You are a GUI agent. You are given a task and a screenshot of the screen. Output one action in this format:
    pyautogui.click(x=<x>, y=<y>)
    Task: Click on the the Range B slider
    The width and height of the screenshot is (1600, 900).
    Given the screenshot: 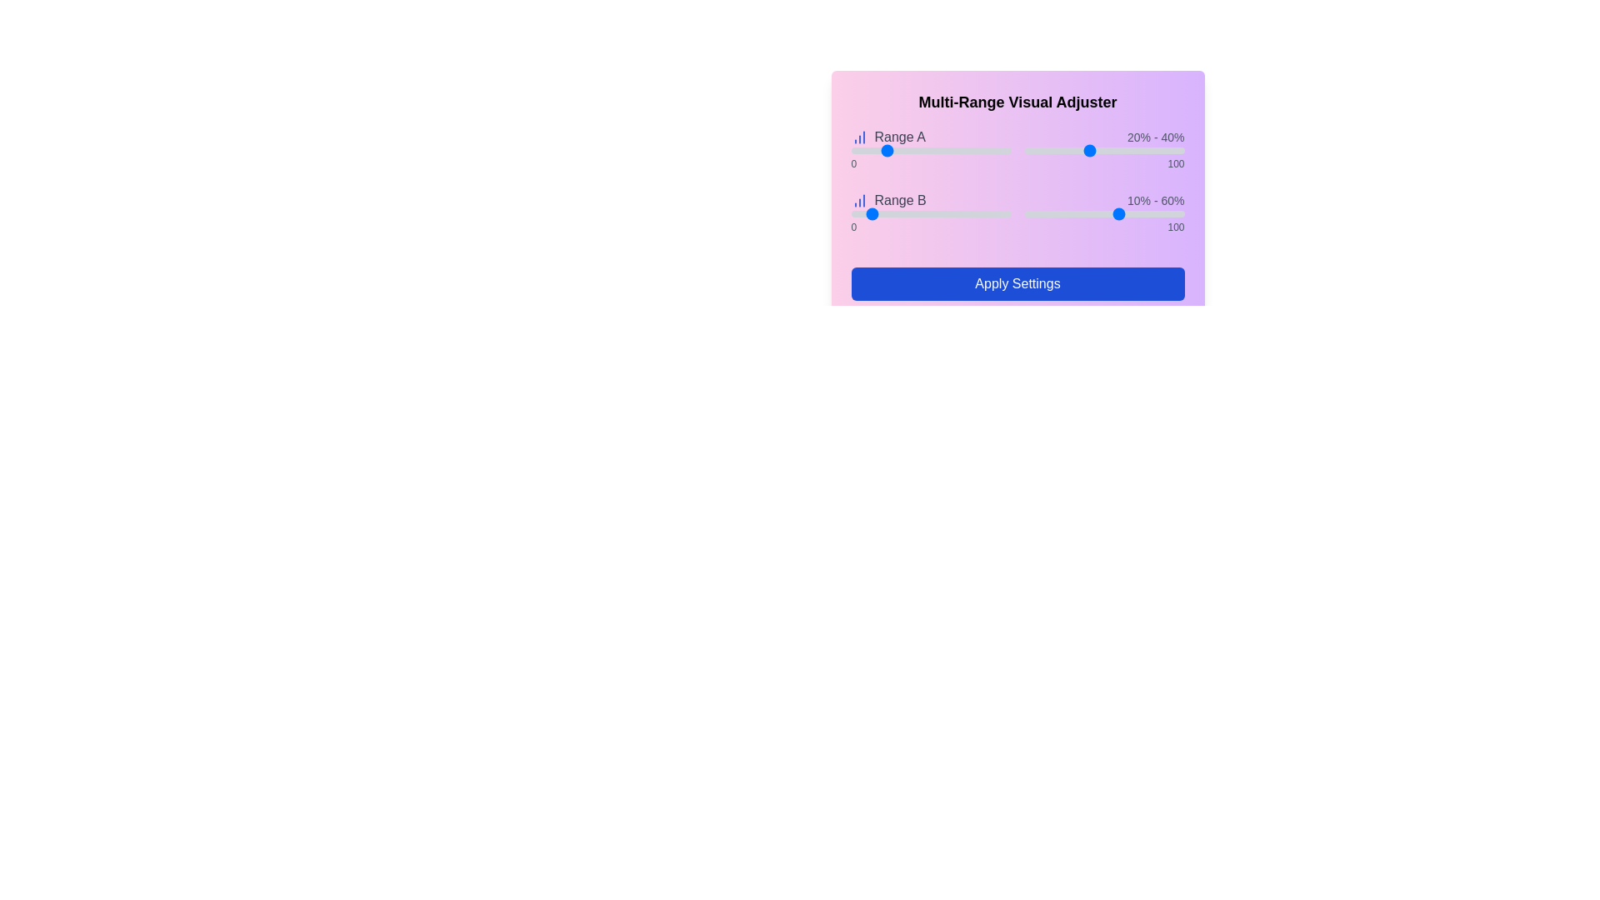 What is the action you would take?
    pyautogui.click(x=1166, y=213)
    